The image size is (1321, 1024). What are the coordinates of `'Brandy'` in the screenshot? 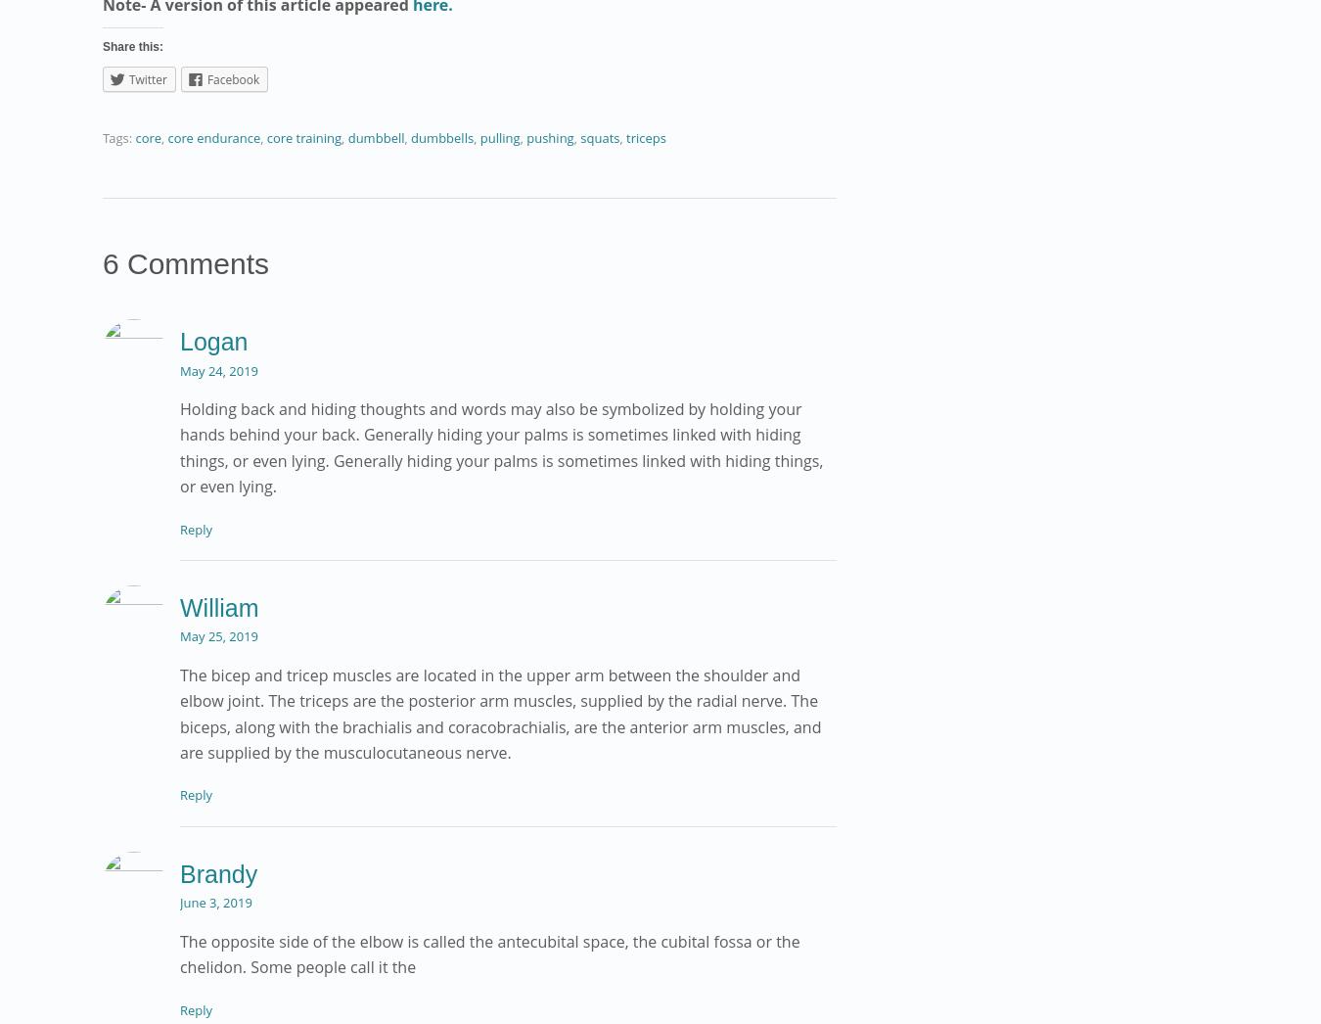 It's located at (218, 873).